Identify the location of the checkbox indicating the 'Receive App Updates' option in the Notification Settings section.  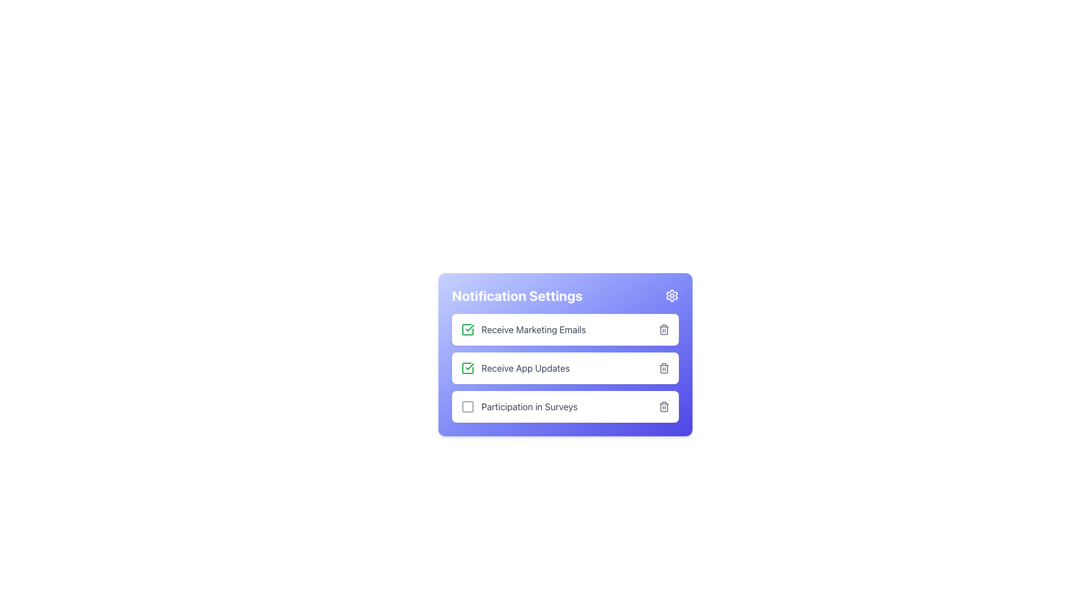
(468, 368).